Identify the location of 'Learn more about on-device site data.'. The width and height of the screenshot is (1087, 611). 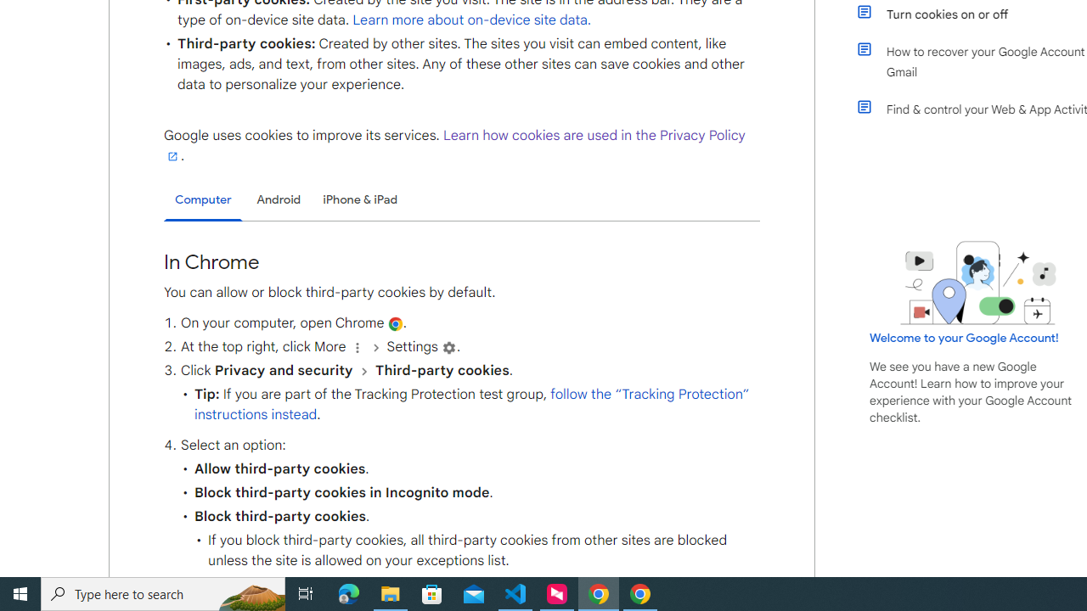
(472, 20).